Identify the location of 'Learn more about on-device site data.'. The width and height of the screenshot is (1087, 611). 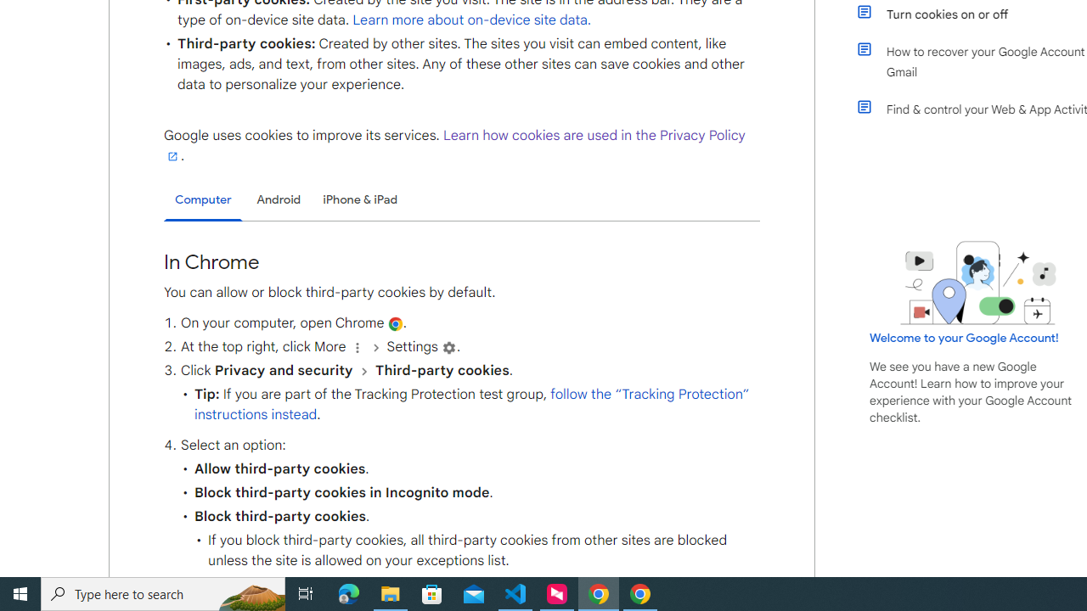
(472, 20).